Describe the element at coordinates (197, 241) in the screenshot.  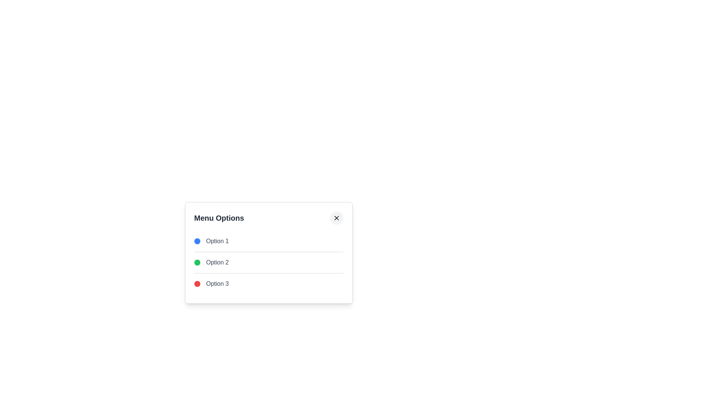
I see `the icon representing 'Option 1' located at the far-left end of the horizontal layout in the menu` at that location.